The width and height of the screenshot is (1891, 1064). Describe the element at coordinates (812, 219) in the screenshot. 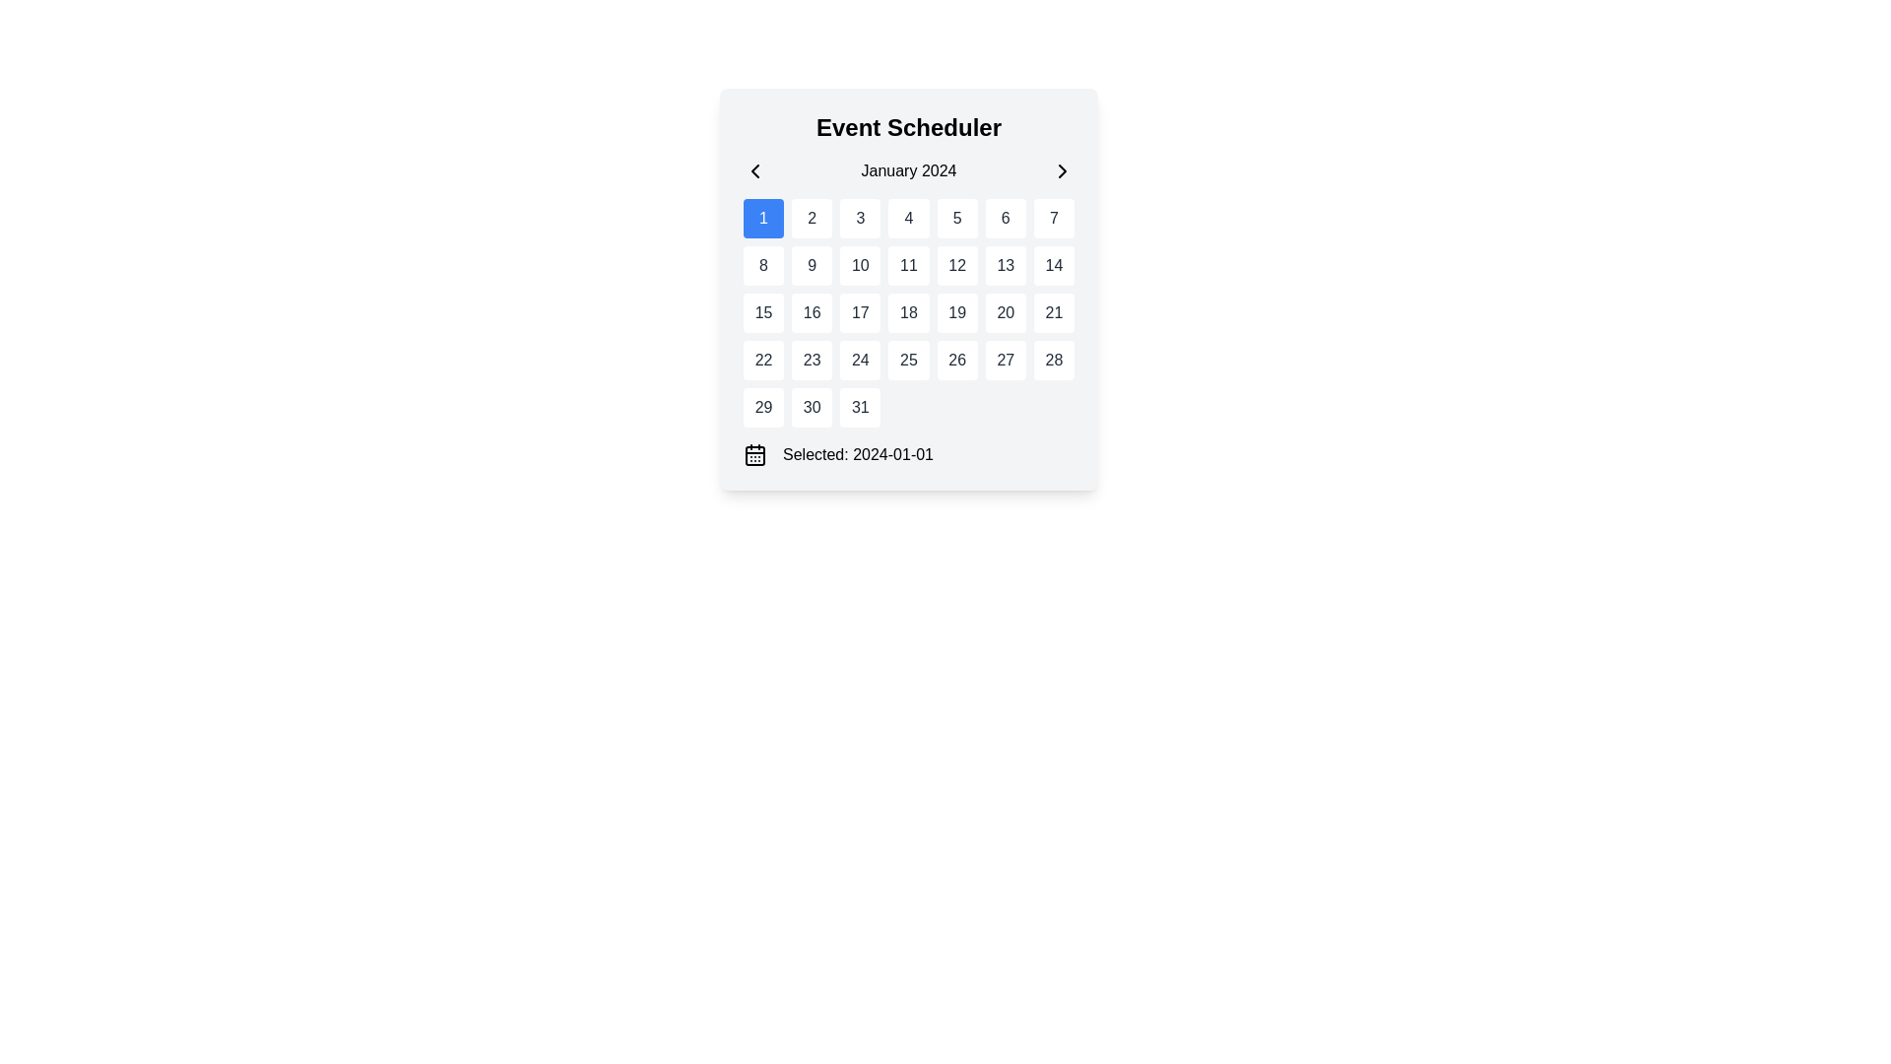

I see `the button displaying the number '2' in a rounded square box` at that location.